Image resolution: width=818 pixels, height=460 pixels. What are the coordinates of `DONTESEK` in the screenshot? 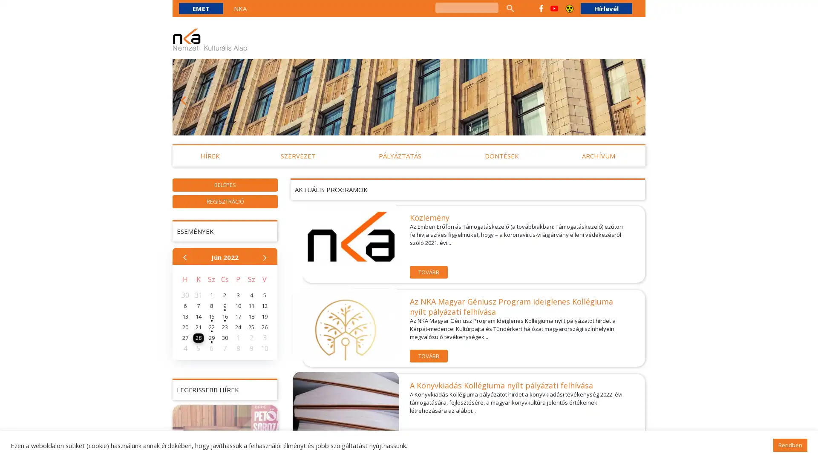 It's located at (501, 156).